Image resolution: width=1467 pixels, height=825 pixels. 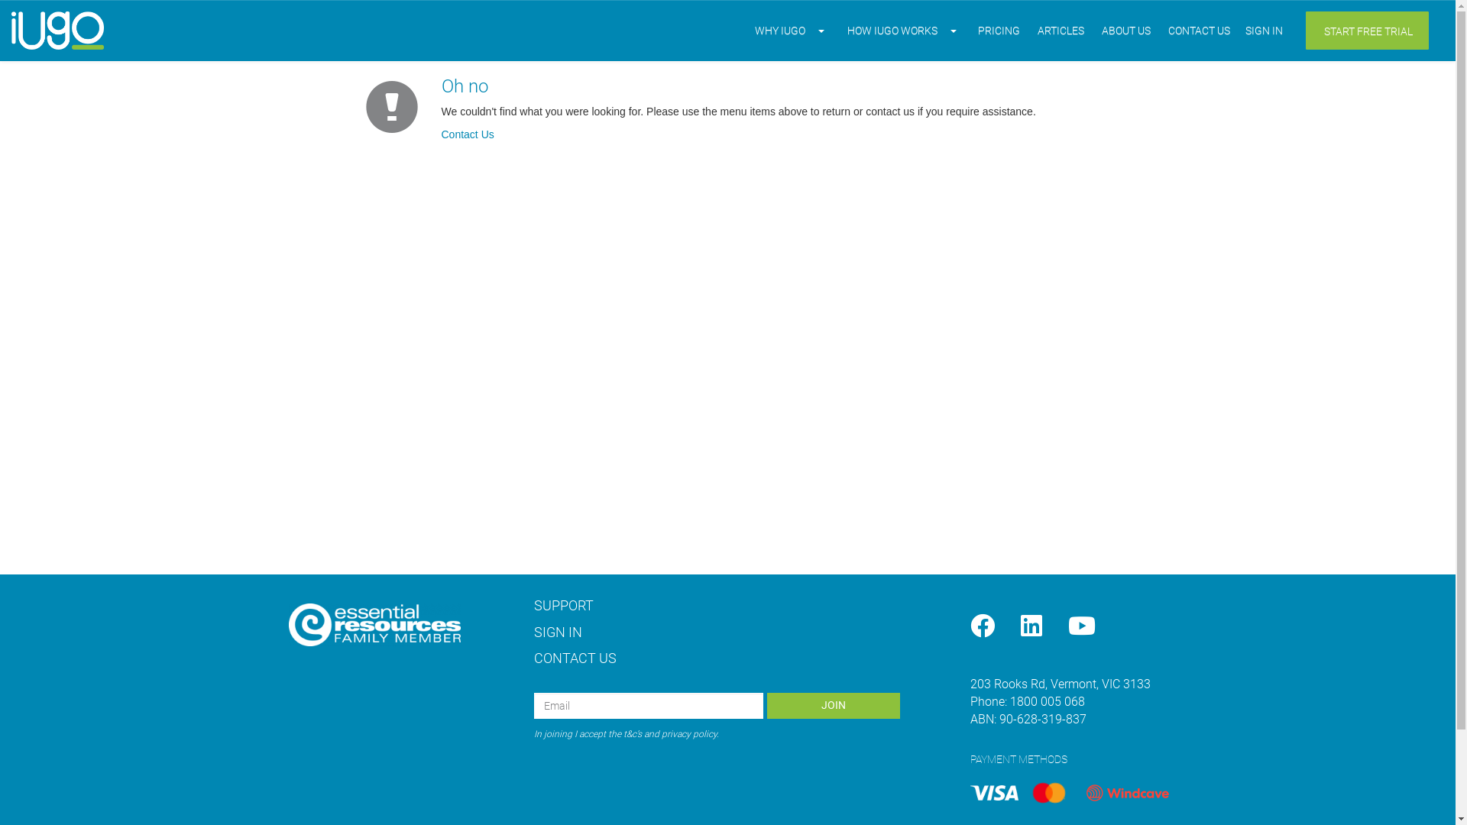 I want to click on 'PRICING', so click(x=999, y=30).